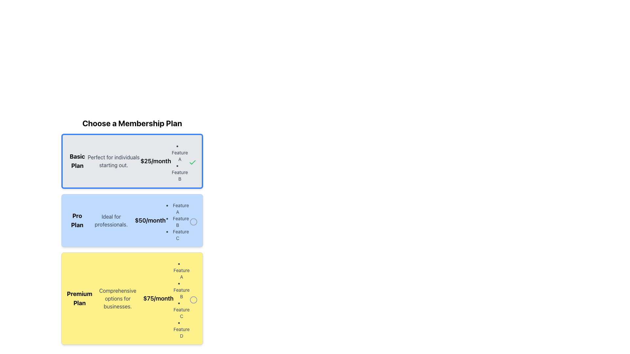 The image size is (630, 354). I want to click on the text list containing 'Feature A' and 'Feature B' located in the lower-right section of the 'Basic Plan' card, so click(180, 161).